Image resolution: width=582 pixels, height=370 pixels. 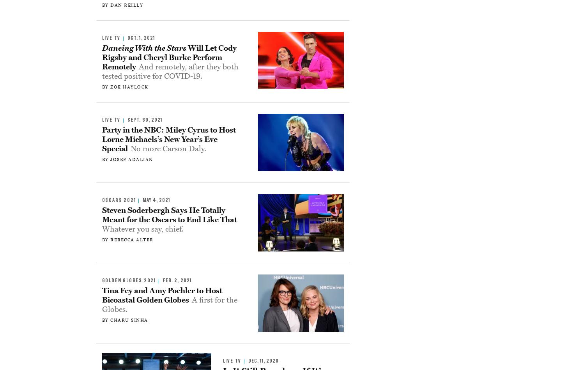 What do you see at coordinates (161, 295) in the screenshot?
I see `'Tina Fey and Amy Poehler to Host Bicoastal Golden Globes'` at bounding box center [161, 295].